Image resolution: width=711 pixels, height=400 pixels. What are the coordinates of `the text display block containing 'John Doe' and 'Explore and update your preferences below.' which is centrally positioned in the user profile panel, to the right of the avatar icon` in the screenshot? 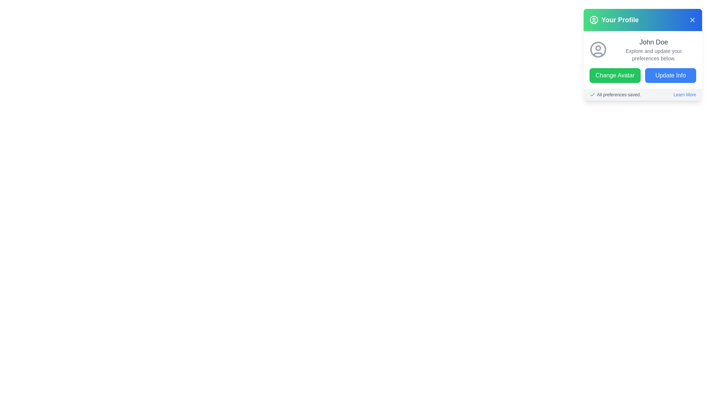 It's located at (654, 50).